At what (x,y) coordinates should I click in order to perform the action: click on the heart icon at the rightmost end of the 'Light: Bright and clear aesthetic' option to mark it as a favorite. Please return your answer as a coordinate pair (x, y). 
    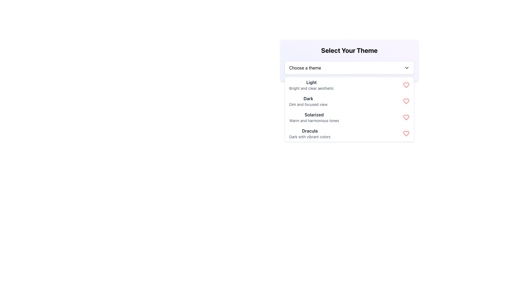
    Looking at the image, I should click on (406, 85).